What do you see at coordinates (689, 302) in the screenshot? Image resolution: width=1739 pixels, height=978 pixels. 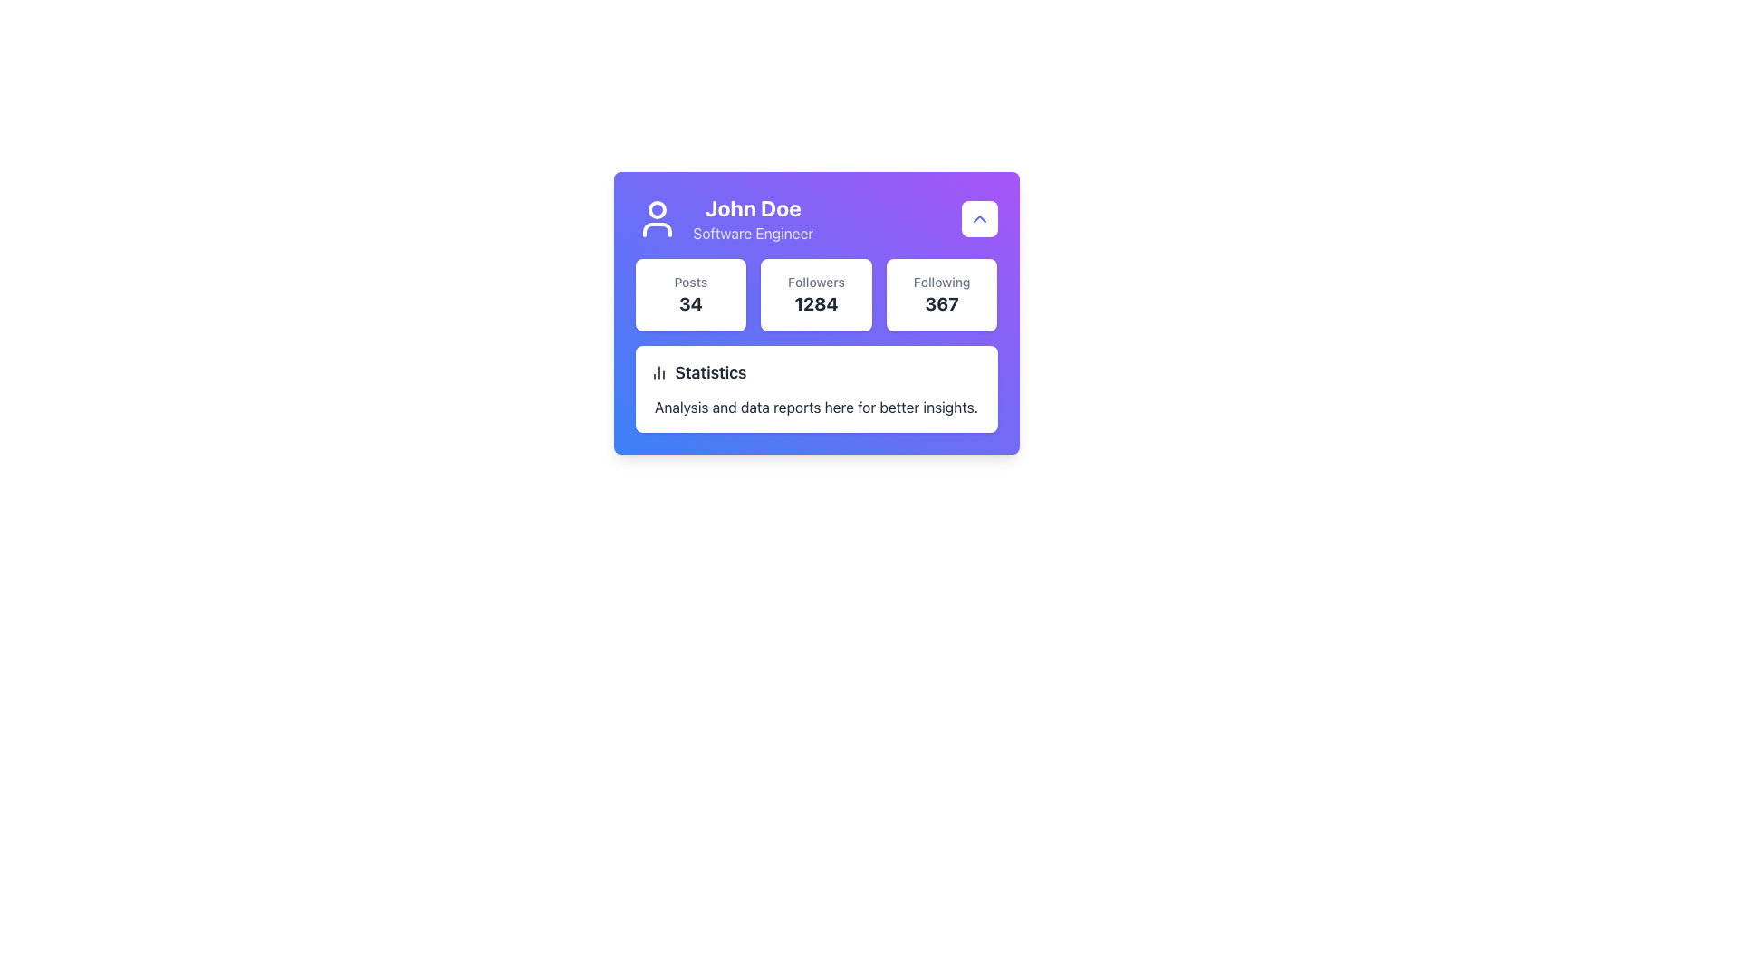 I see `bold text label displaying the number '34', which is located within a white card under the 'Posts' label` at bounding box center [689, 302].